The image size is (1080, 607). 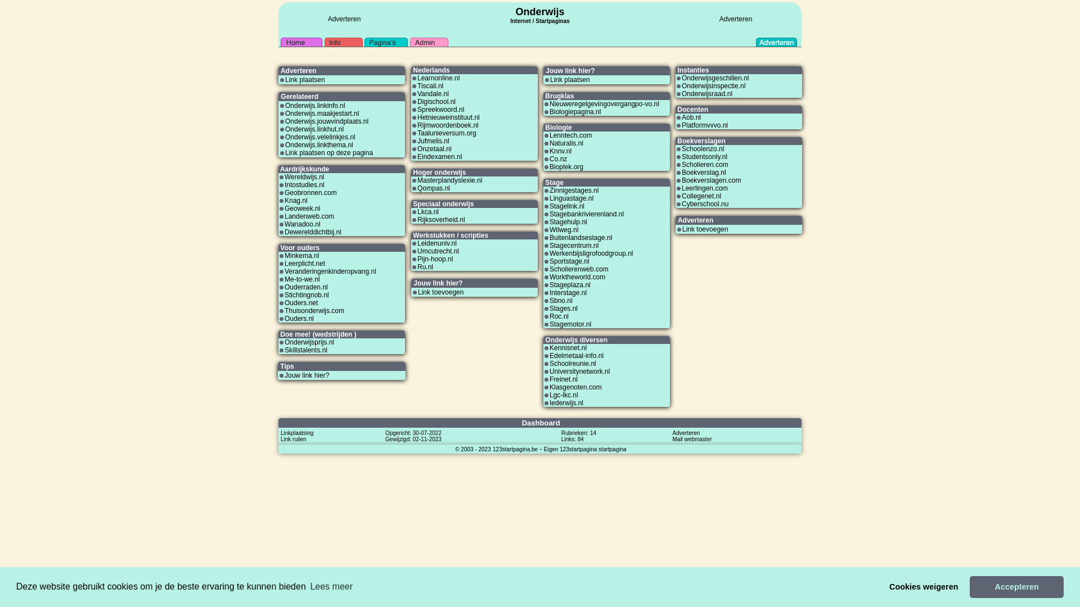 I want to click on 'Cyberschool.nu', so click(x=704, y=203).